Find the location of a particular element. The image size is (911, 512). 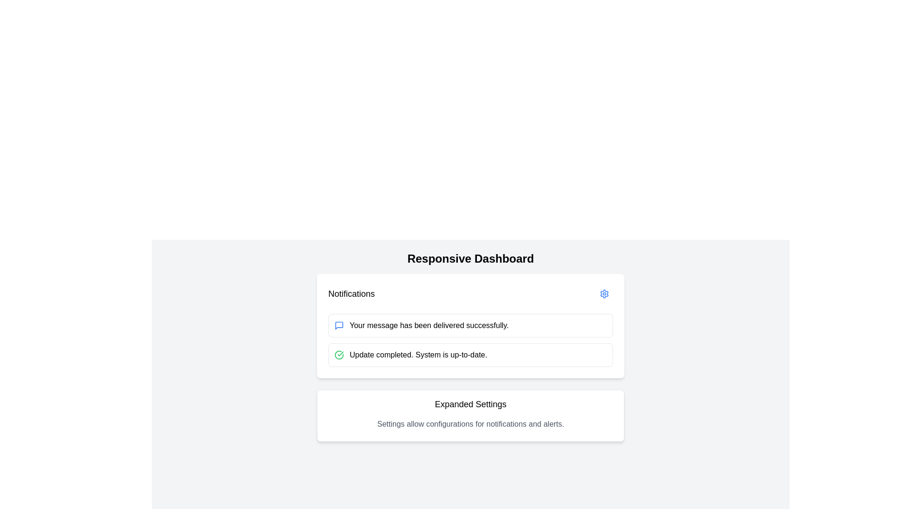

the text label displaying the message 'Update completed. System is up-to-date.' to associate it with the notification icon indicating the update status is located at coordinates (418, 355).